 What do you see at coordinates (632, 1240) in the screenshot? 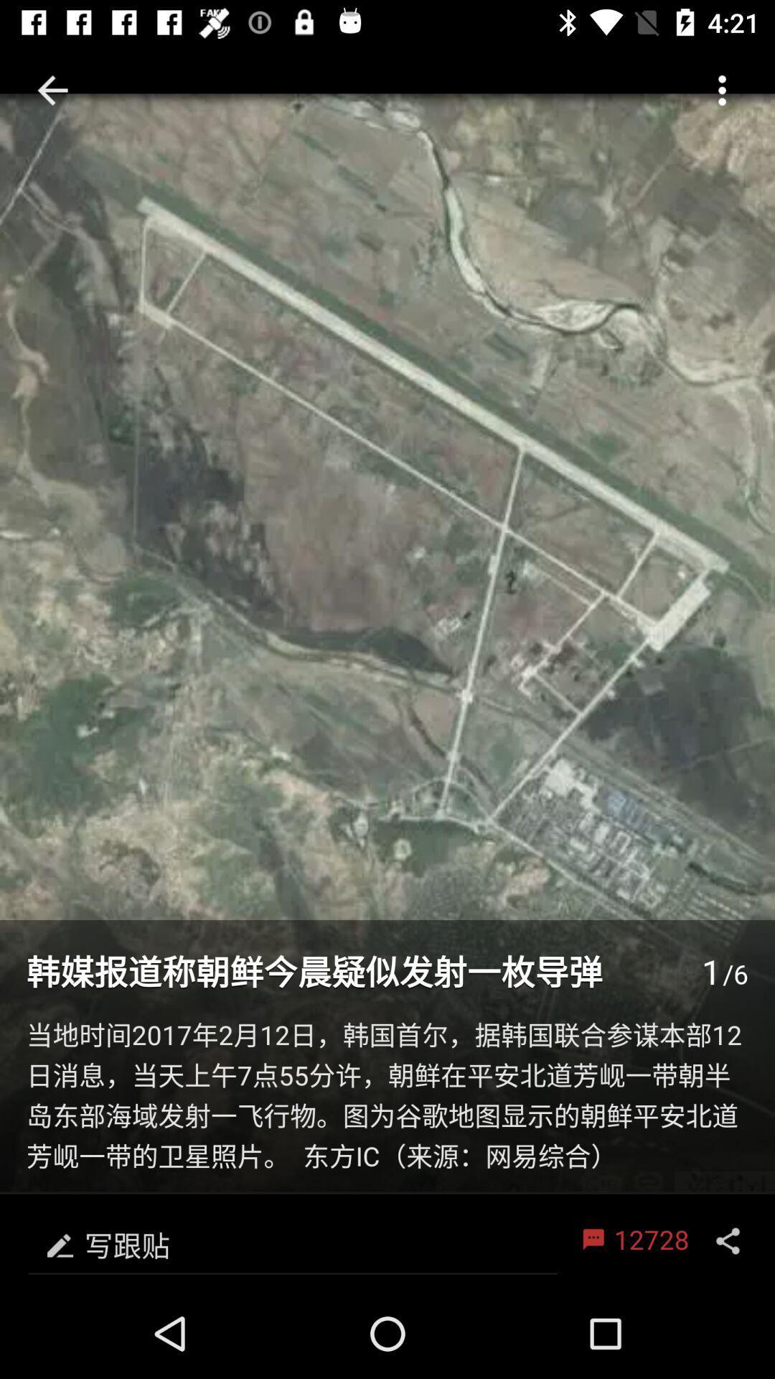
I see `12728 icon` at bounding box center [632, 1240].